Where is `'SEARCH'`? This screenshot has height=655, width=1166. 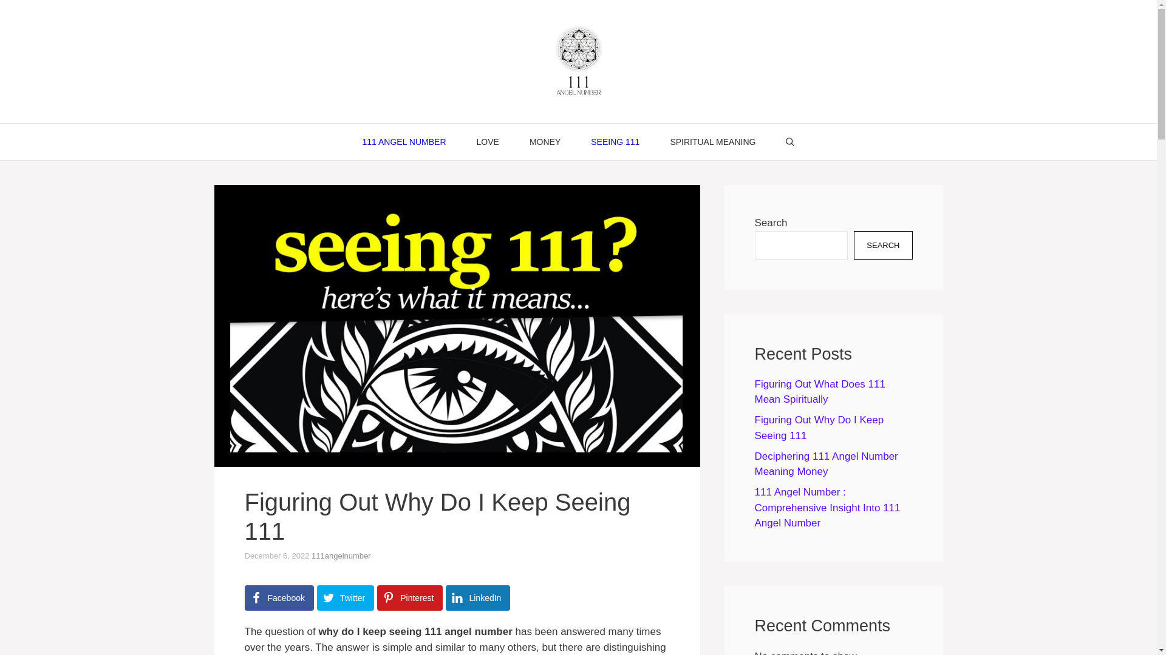
'SEARCH' is located at coordinates (883, 246).